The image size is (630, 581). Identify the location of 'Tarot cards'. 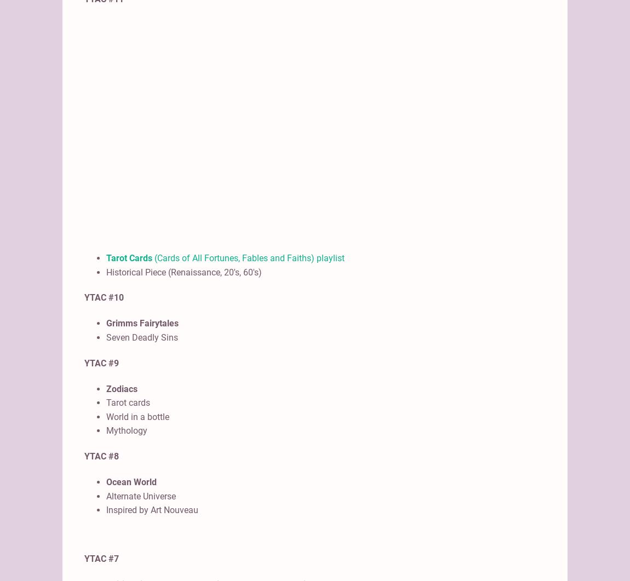
(128, 402).